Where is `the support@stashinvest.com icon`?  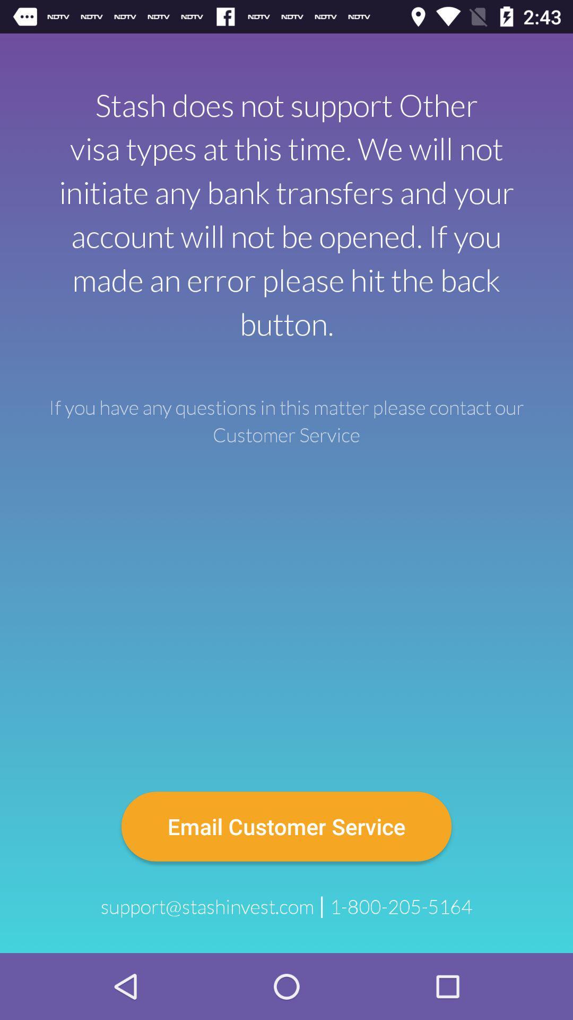 the support@stashinvest.com icon is located at coordinates (207, 906).